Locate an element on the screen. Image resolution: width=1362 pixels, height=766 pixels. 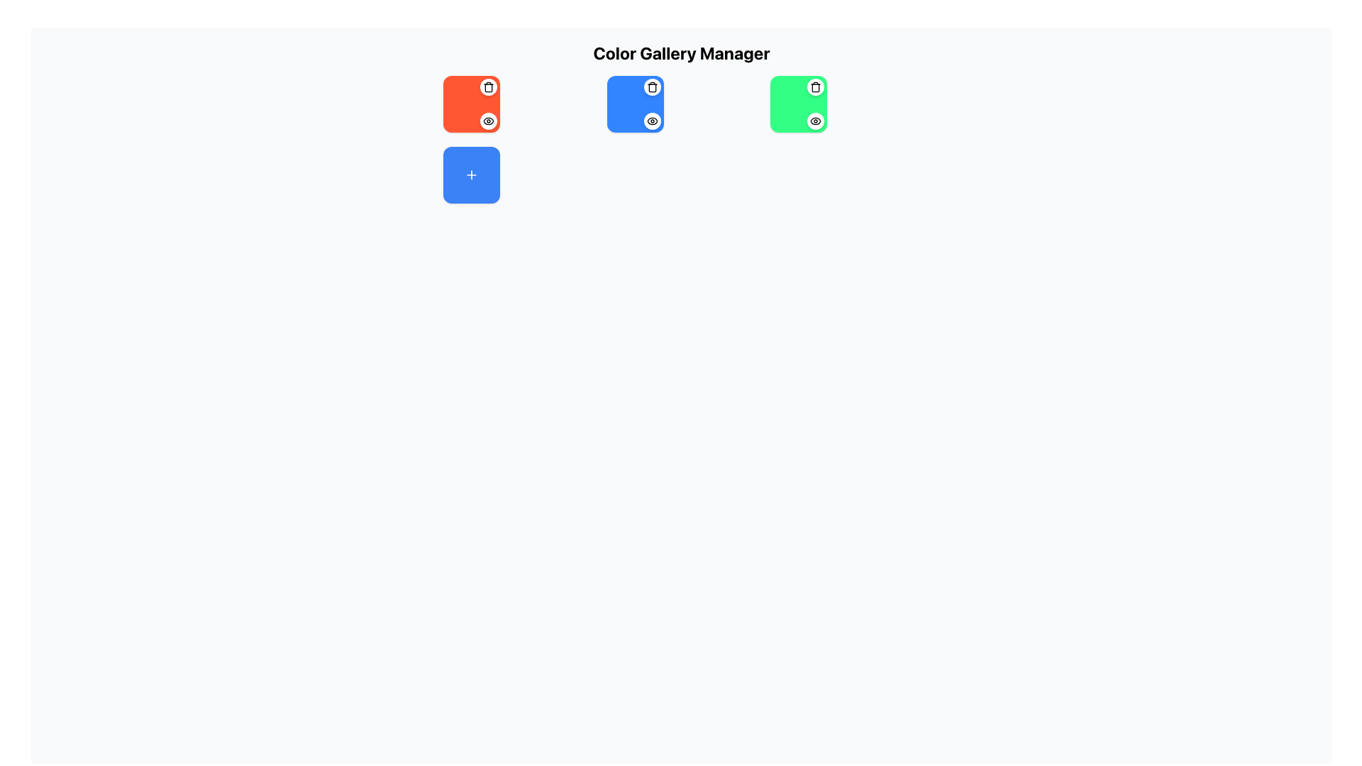
the main heading text display labeled 'Color Gallery Manager', which is prominently styled in a bold black font at the top of the interface is located at coordinates (681, 52).